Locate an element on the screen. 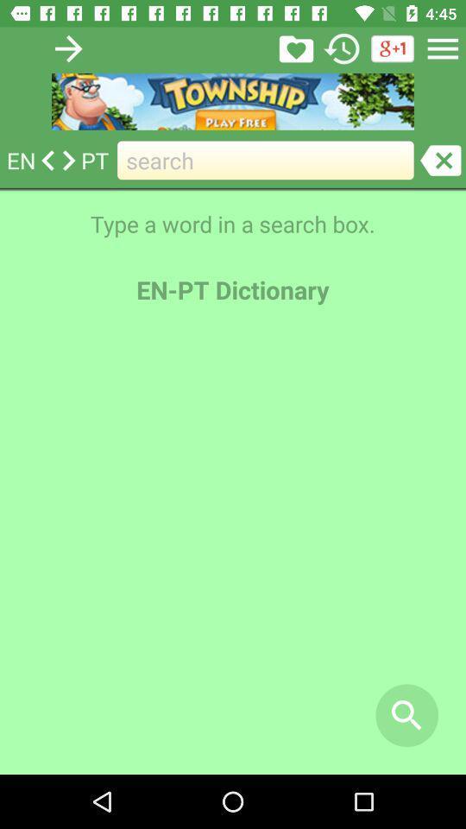 The image size is (466, 829). en-pt dictionary is located at coordinates (295, 47).